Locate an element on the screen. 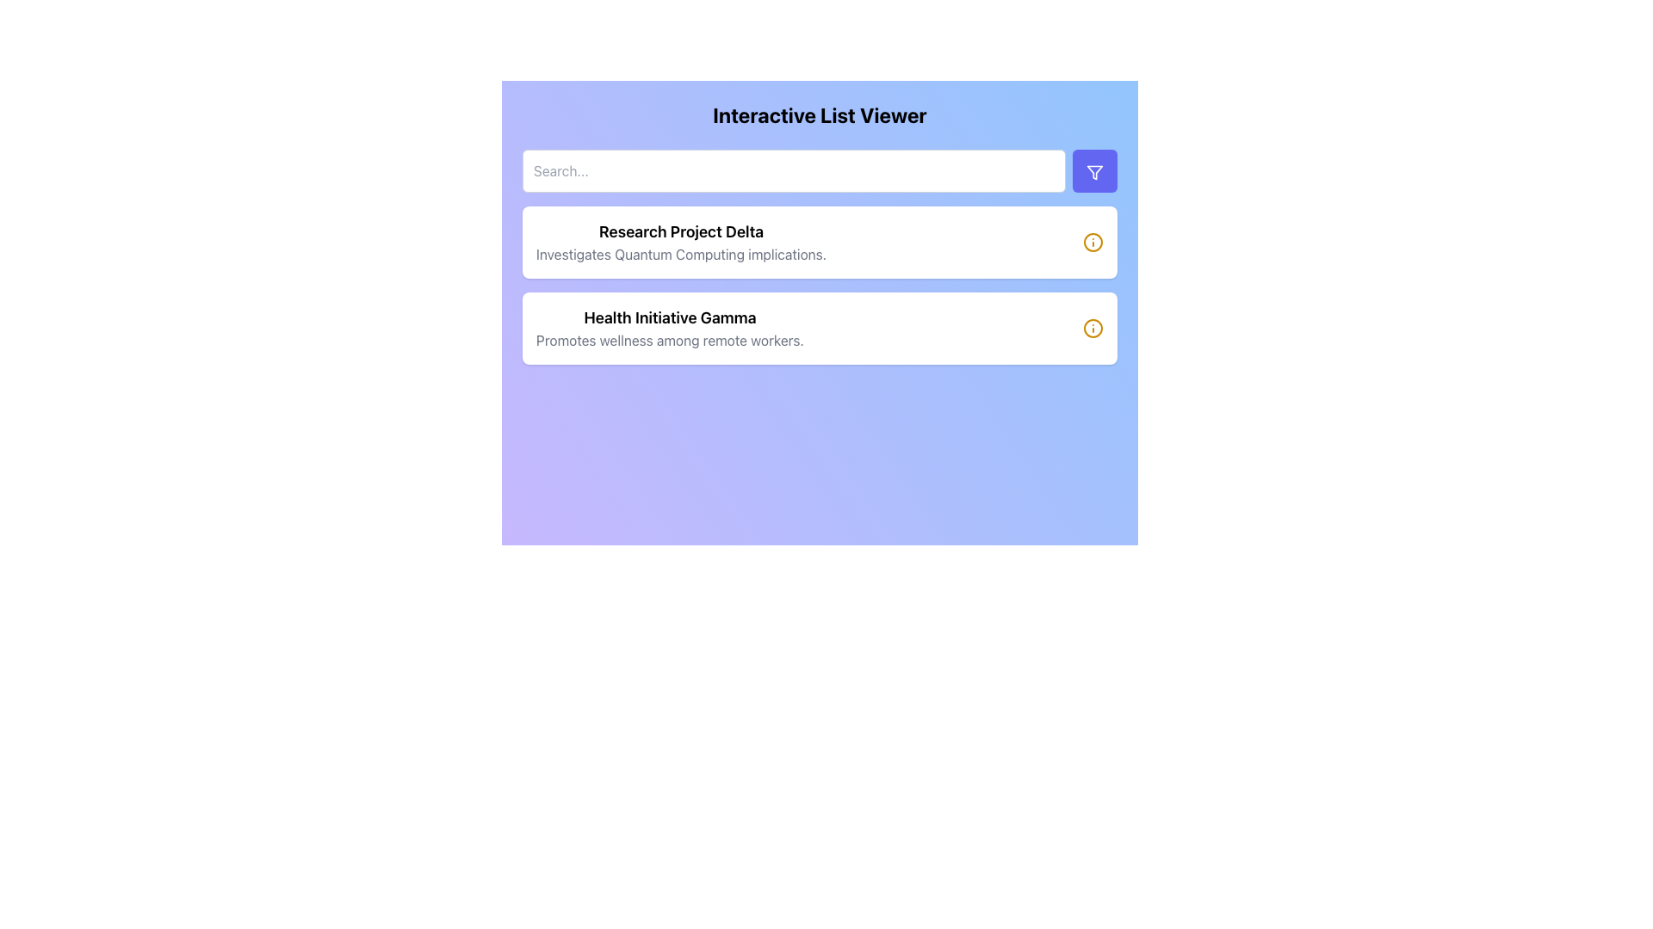 The image size is (1653, 929). the descriptive text element located under the 'Research Project Delta' title for accessibility purposes is located at coordinates (680, 255).